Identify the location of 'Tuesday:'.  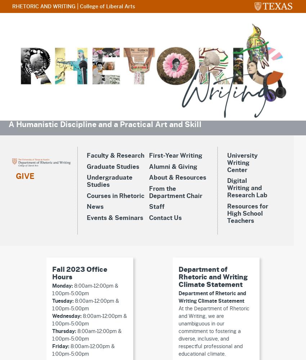
(63, 301).